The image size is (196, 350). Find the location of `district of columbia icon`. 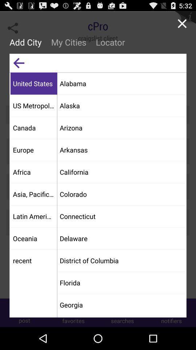

district of columbia icon is located at coordinates (121, 260).